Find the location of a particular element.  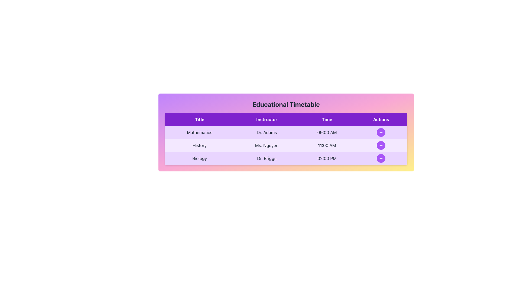

the text label displaying '09:00 AM' in the 'Time' column of the timetable for the 'Mathematics' subject is located at coordinates (327, 132).